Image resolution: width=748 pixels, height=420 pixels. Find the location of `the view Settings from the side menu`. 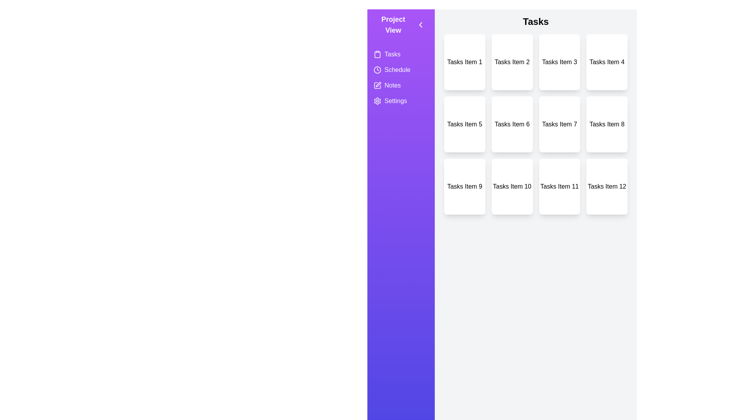

the view Settings from the side menu is located at coordinates (401, 100).